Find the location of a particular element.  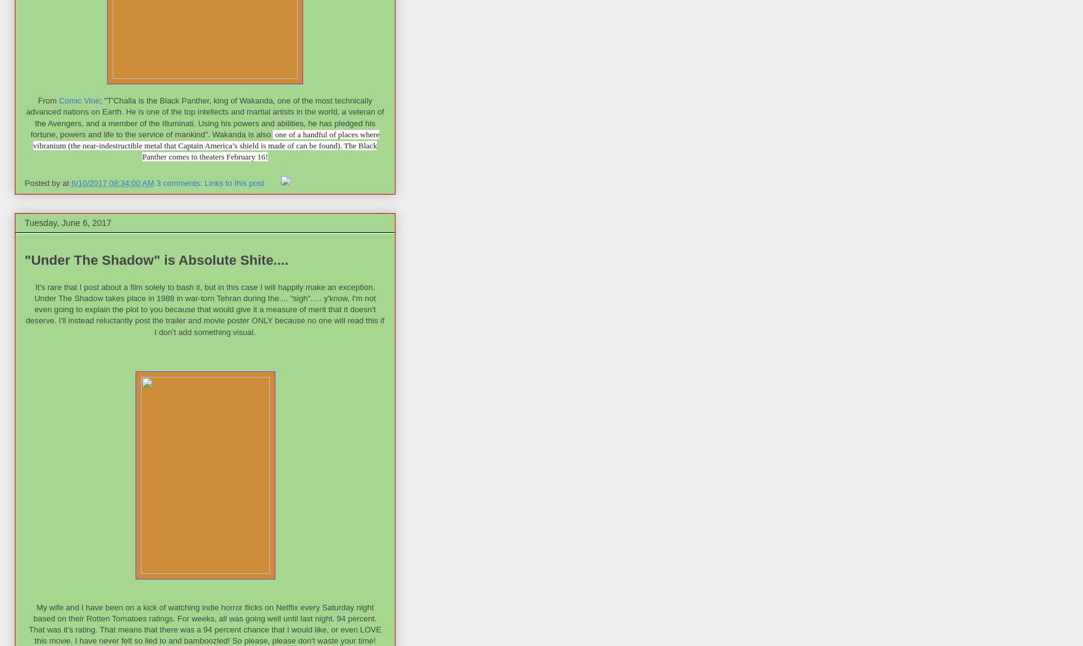

'3 comments:' is located at coordinates (178, 182).